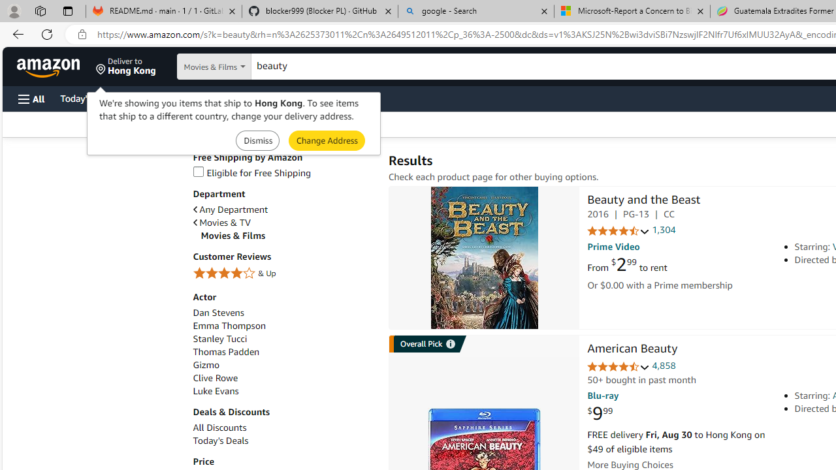  Describe the element at coordinates (613, 247) in the screenshot. I see `'Prime Video'` at that location.